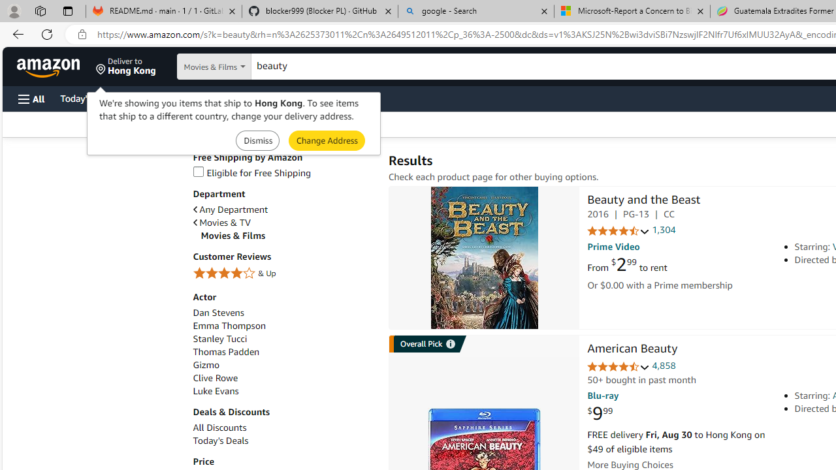  Describe the element at coordinates (613, 247) in the screenshot. I see `'Prime Video'` at that location.